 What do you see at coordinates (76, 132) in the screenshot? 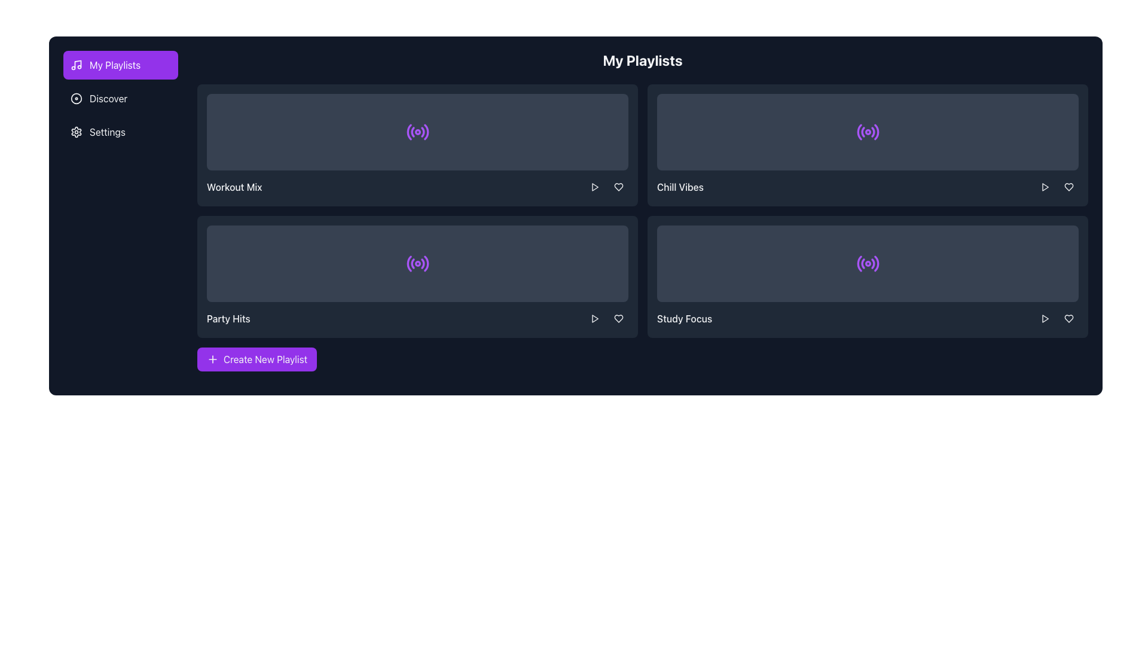
I see `the 'Settings' icon located to the left of the 'Settings' label in the side navigation bar` at bounding box center [76, 132].